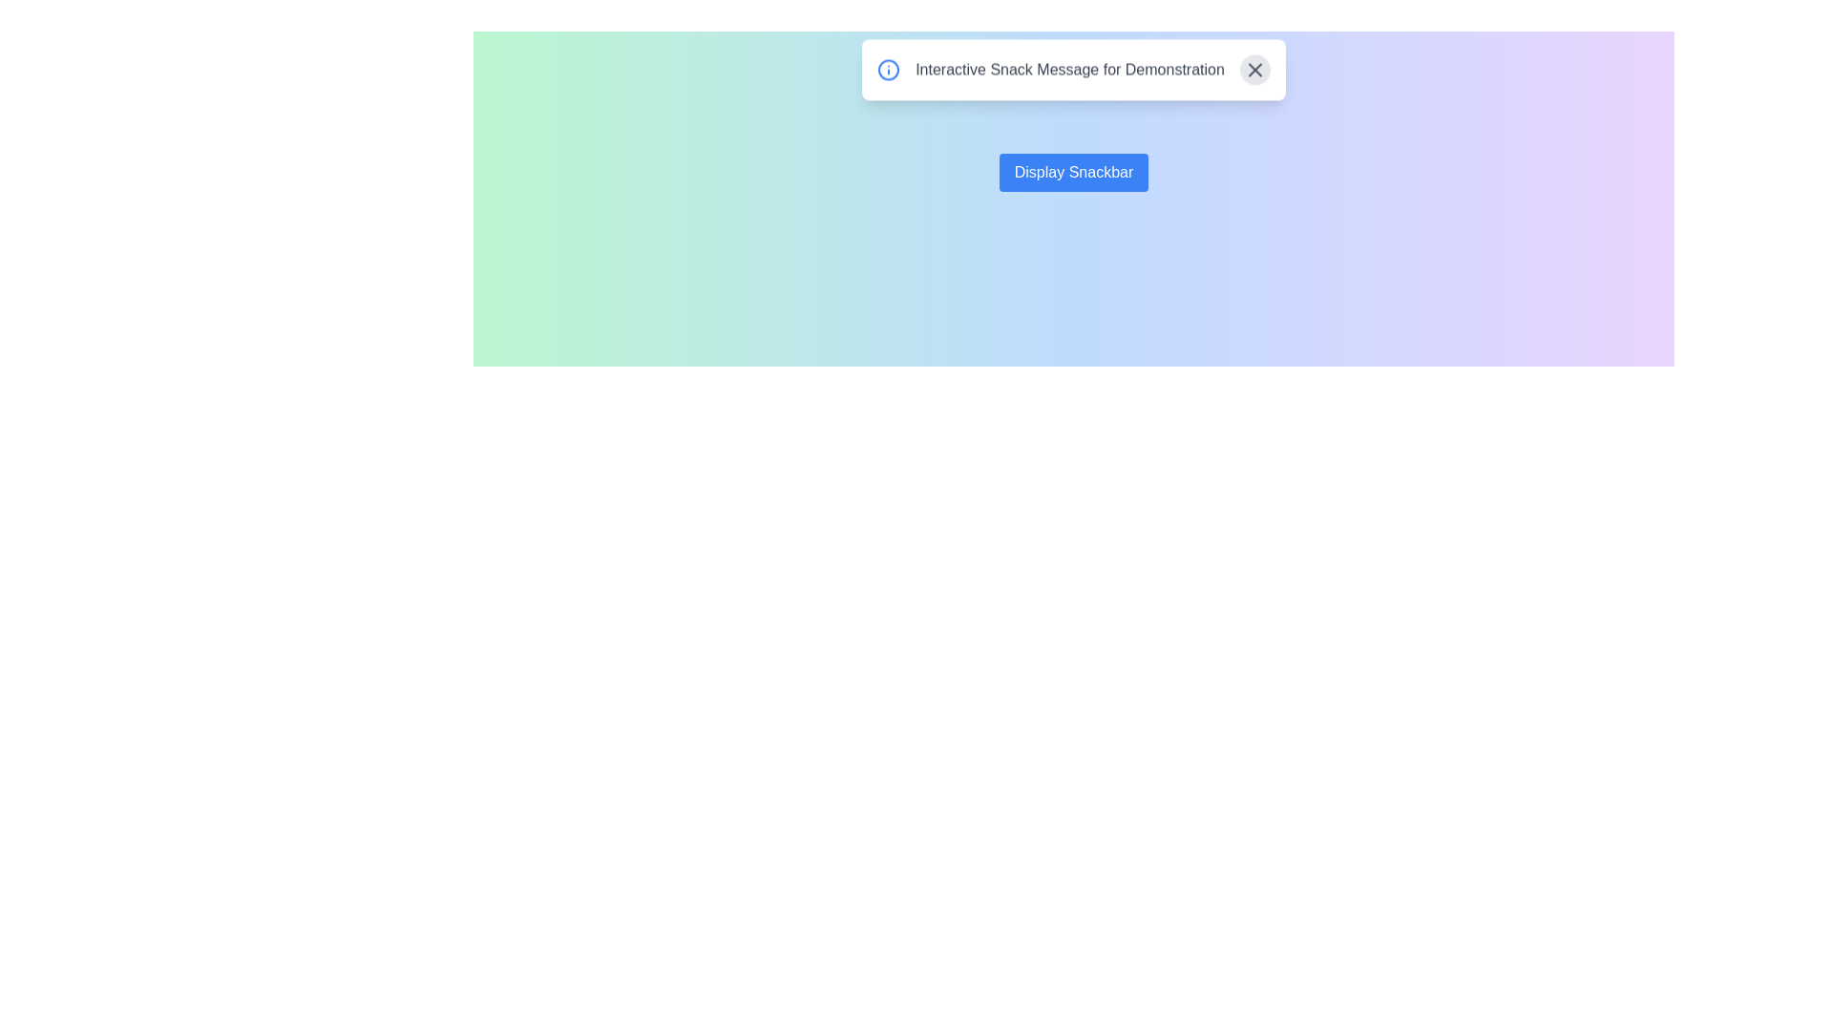 The image size is (1833, 1031). Describe the element at coordinates (888, 76) in the screenshot. I see `the circular outline of the information icon, which has a blue stroke and is located in the top-right corner of the interface within an SVG element` at that location.